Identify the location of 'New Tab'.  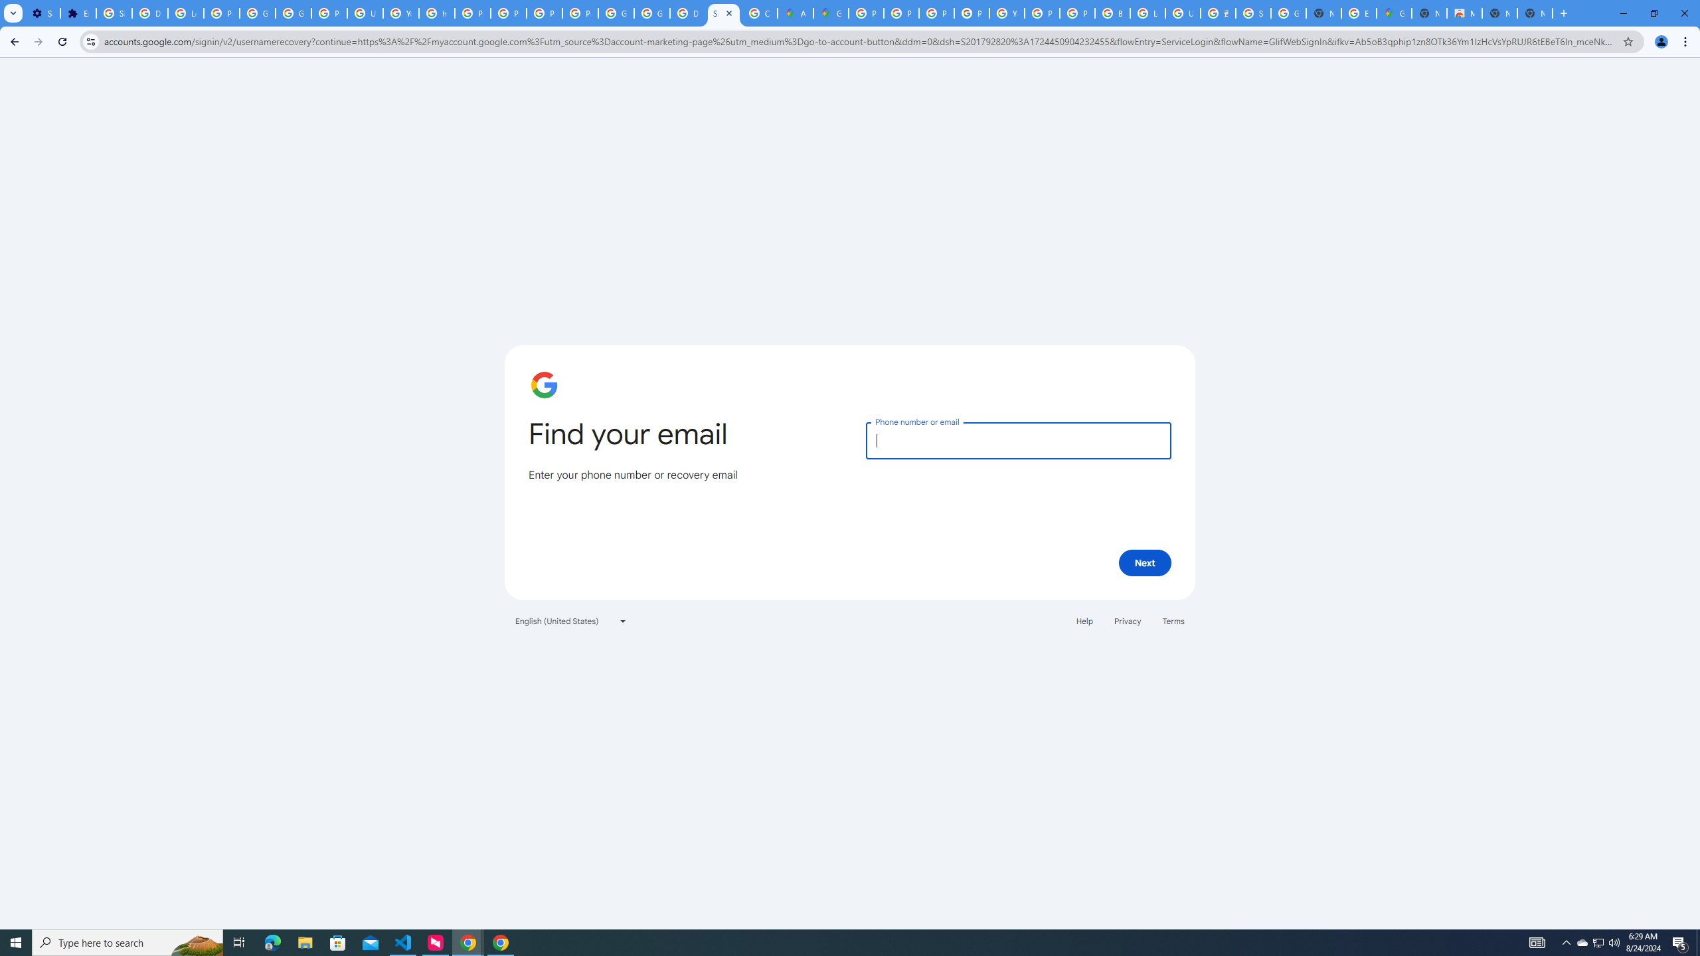
(1535, 13).